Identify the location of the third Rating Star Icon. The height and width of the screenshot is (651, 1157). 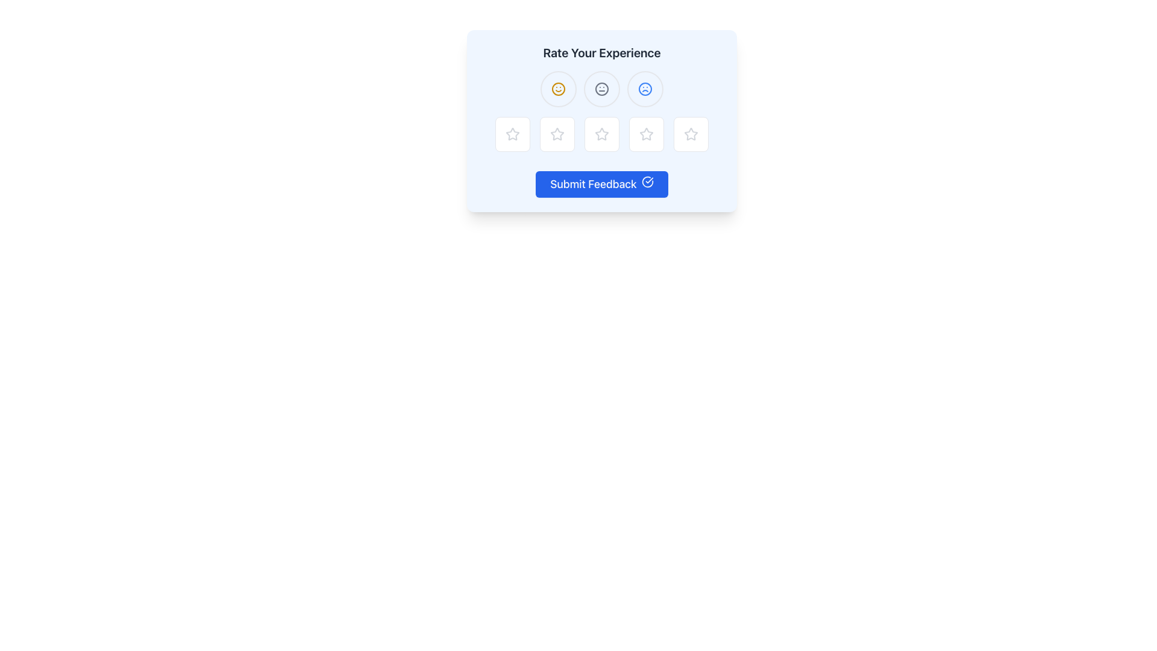
(601, 134).